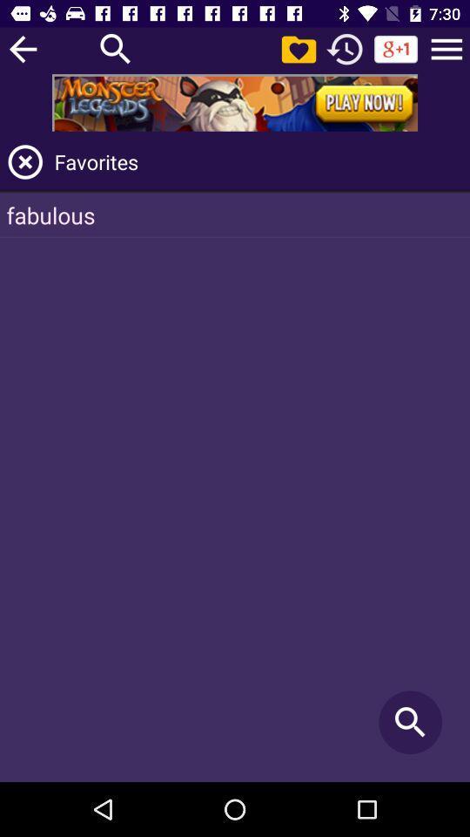  I want to click on pictures, so click(298, 48).